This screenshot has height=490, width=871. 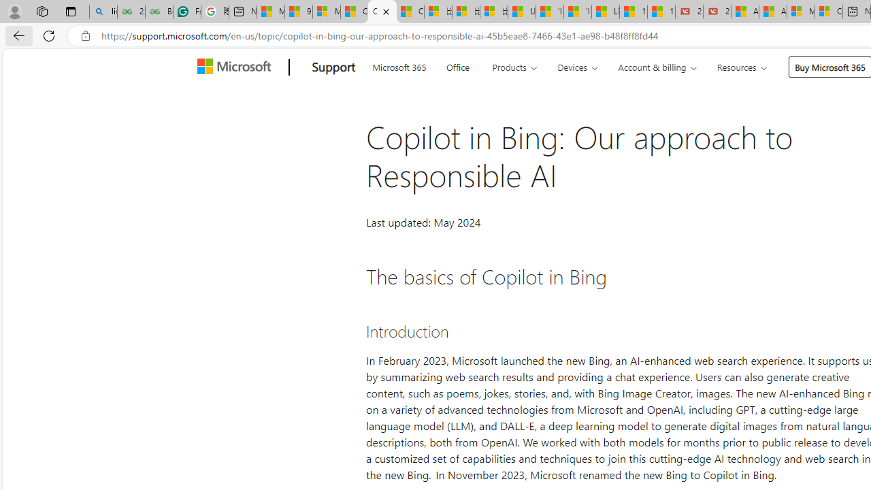 I want to click on 'Close tab', so click(x=385, y=12).